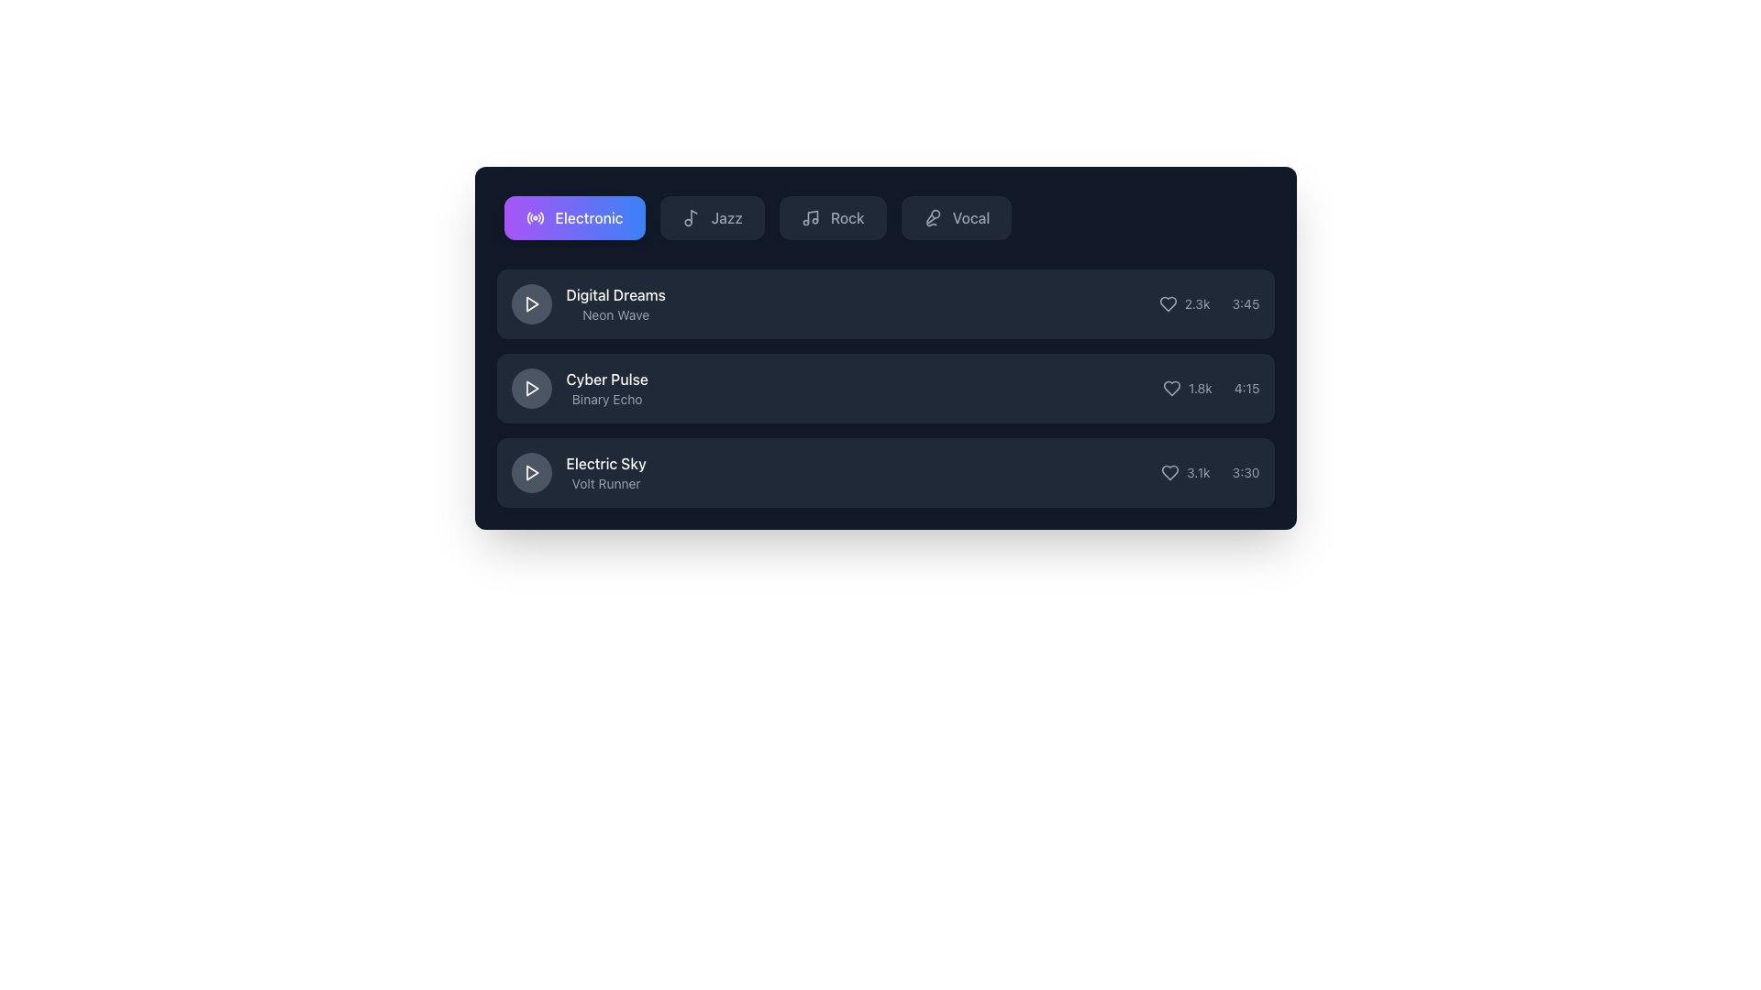 The height and width of the screenshot is (990, 1761). Describe the element at coordinates (955, 217) in the screenshot. I see `the 'Vocal' button, which is the fourth item in a horizontally scrollable list with a dark gray background and a microphone icon` at that location.